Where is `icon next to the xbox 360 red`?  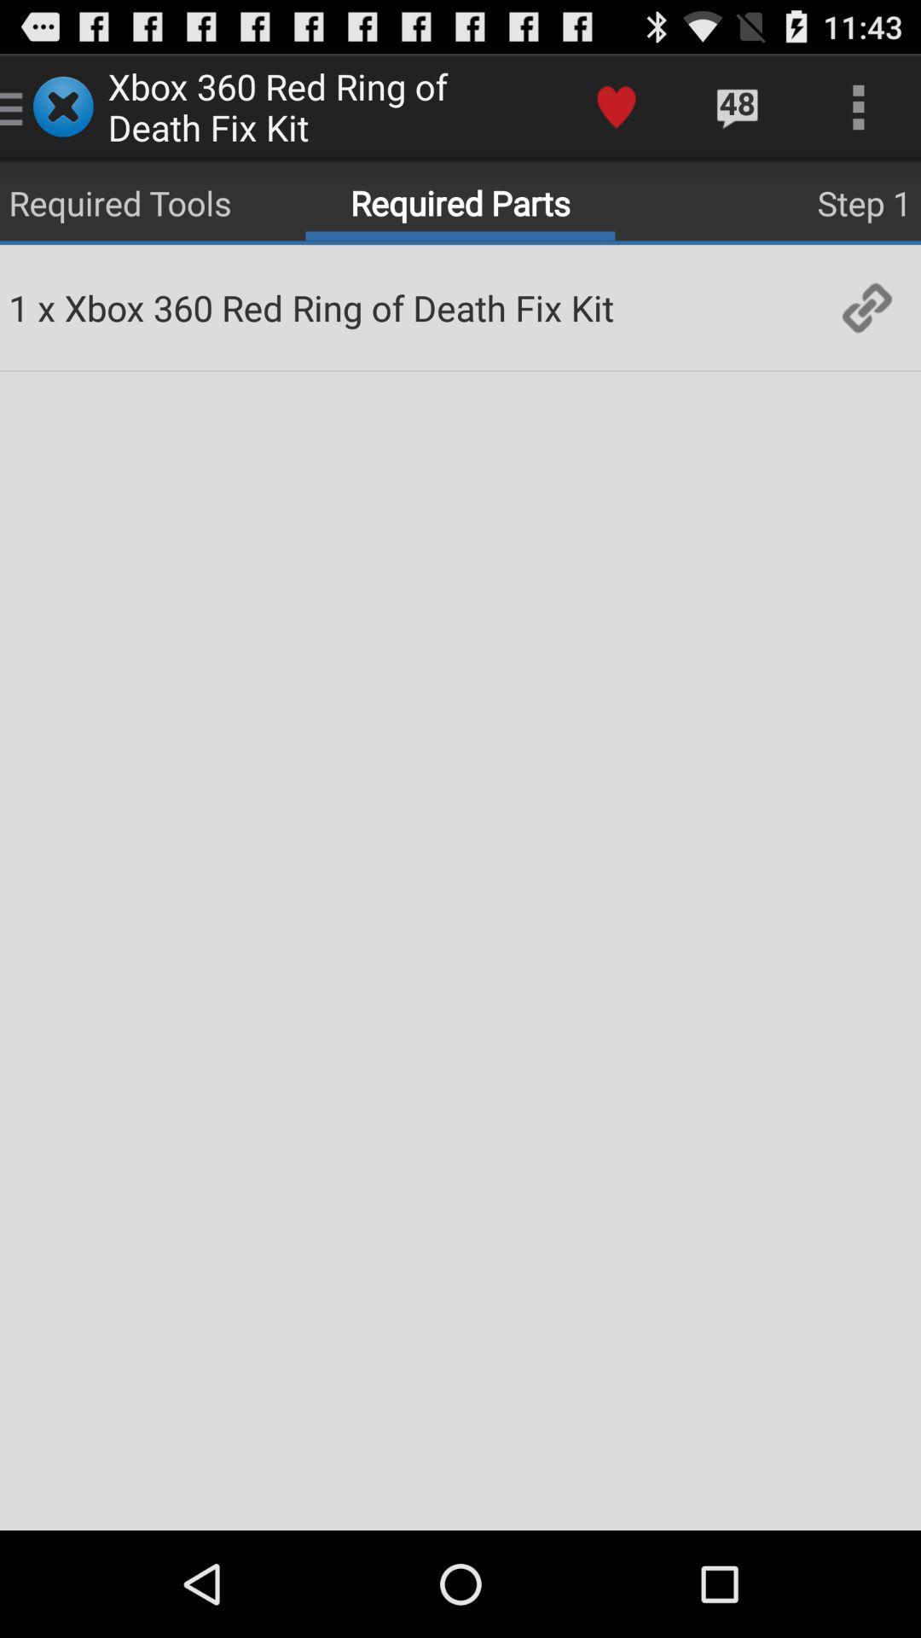 icon next to the xbox 360 red is located at coordinates (616, 106).